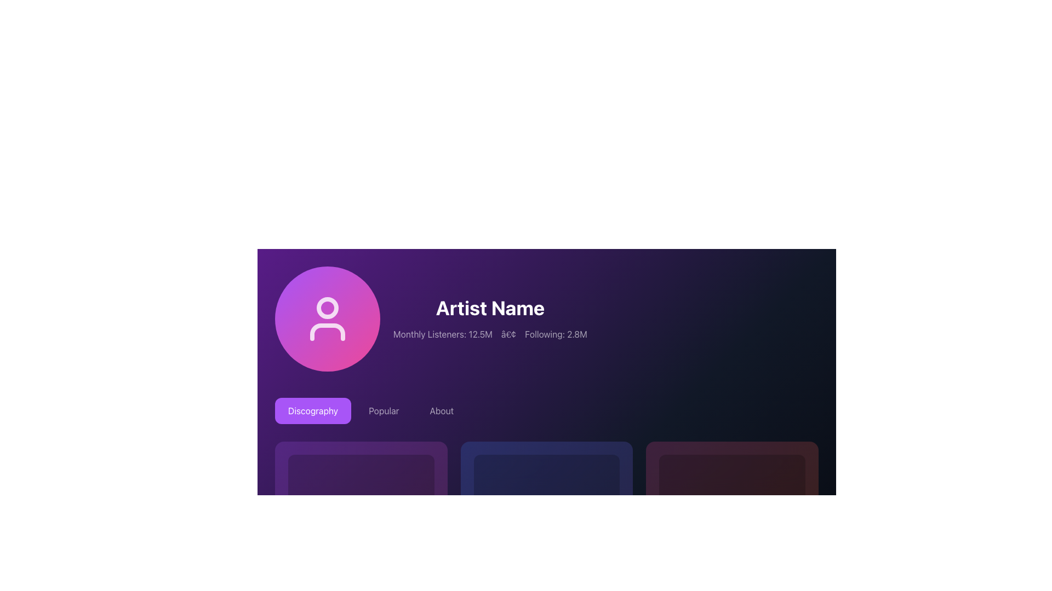 This screenshot has width=1052, height=591. What do you see at coordinates (327, 308) in the screenshot?
I see `the circular graphical element that resembles a user profile icon, which is located to the left of the text 'Artist Name'` at bounding box center [327, 308].